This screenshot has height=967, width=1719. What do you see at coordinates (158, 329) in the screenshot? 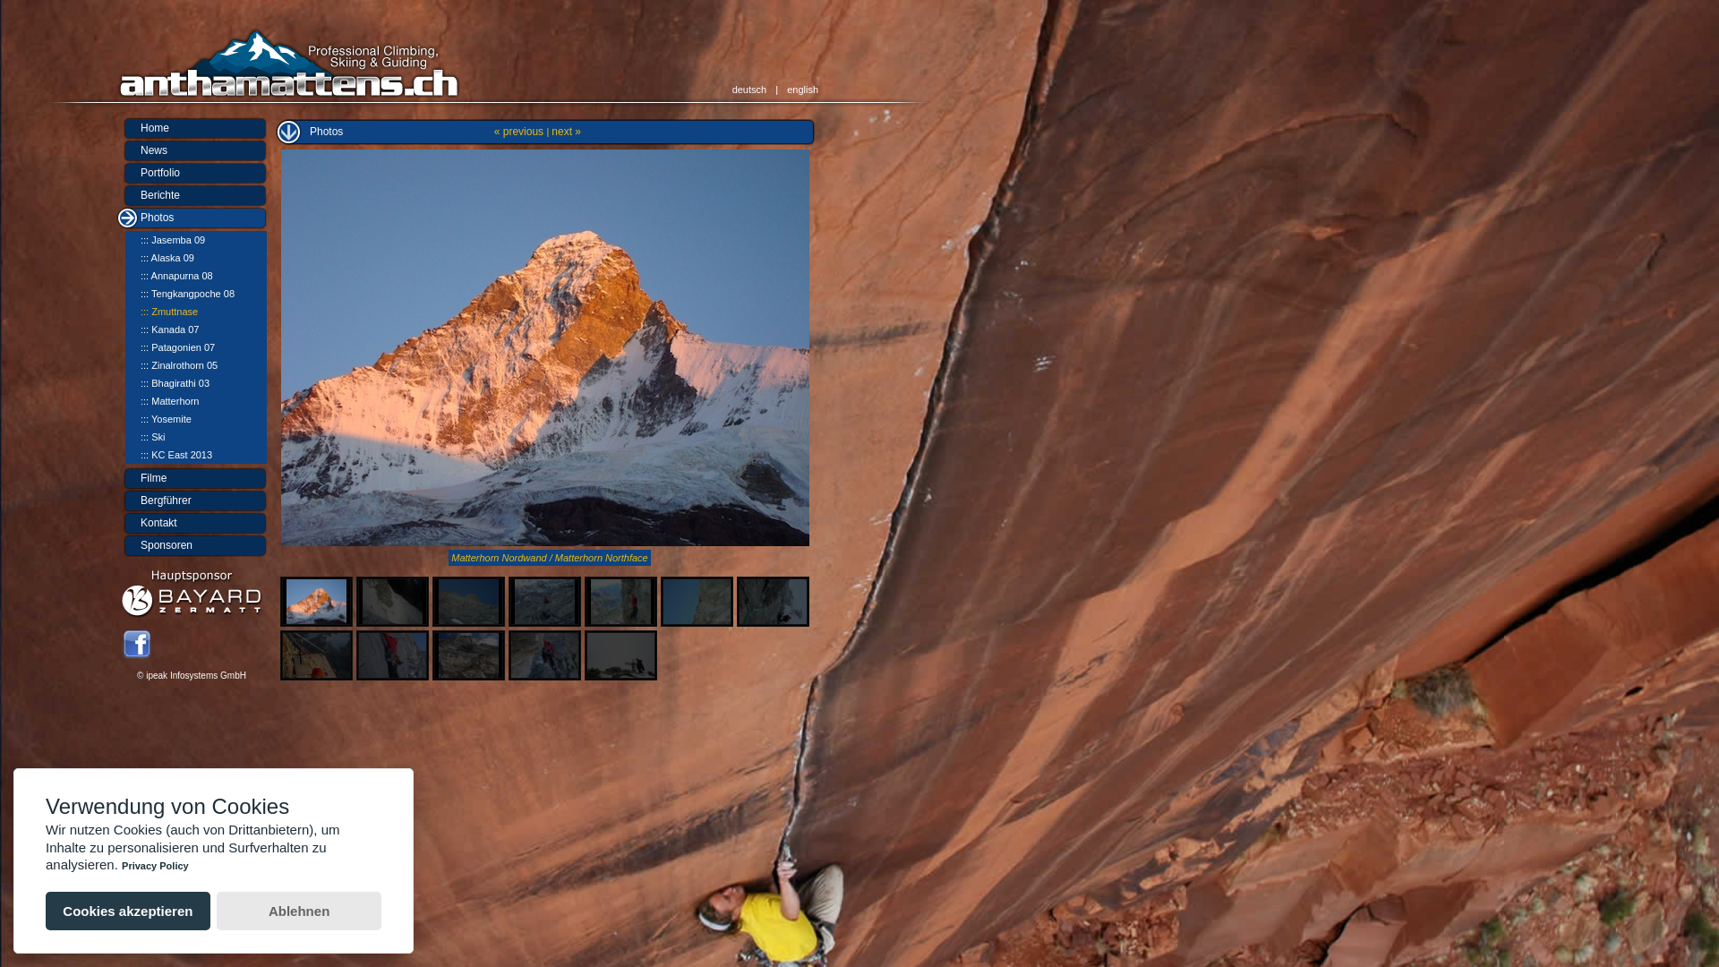
I see `'::: Kanada 07'` at bounding box center [158, 329].